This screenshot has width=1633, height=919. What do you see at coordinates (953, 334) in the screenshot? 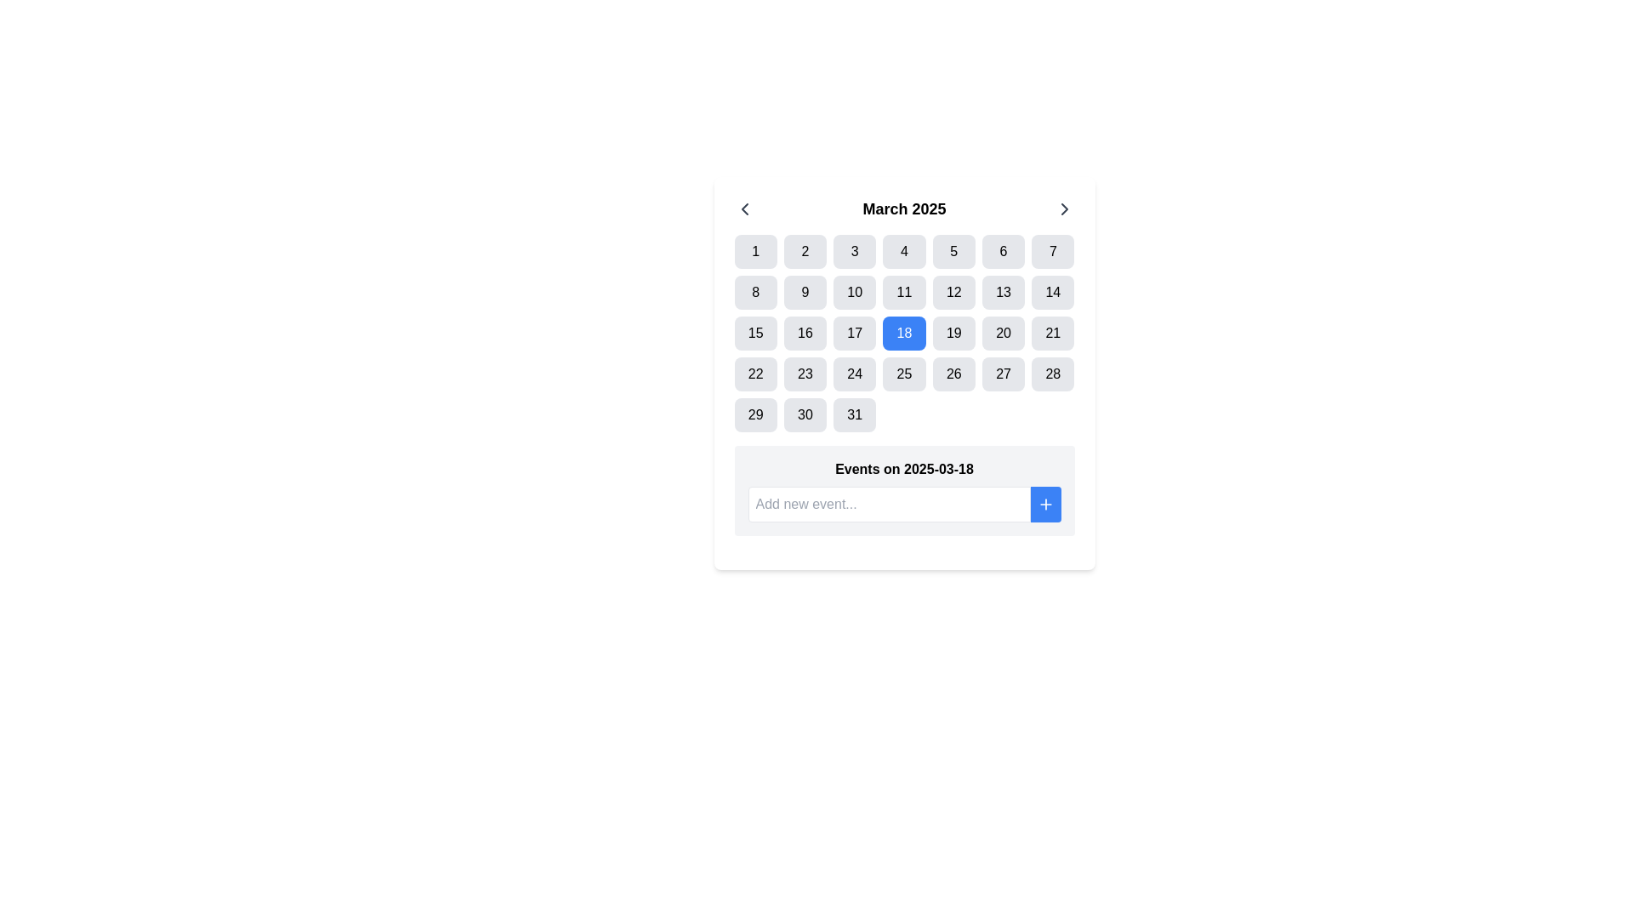
I see `the interactive button representing the date '19'` at bounding box center [953, 334].